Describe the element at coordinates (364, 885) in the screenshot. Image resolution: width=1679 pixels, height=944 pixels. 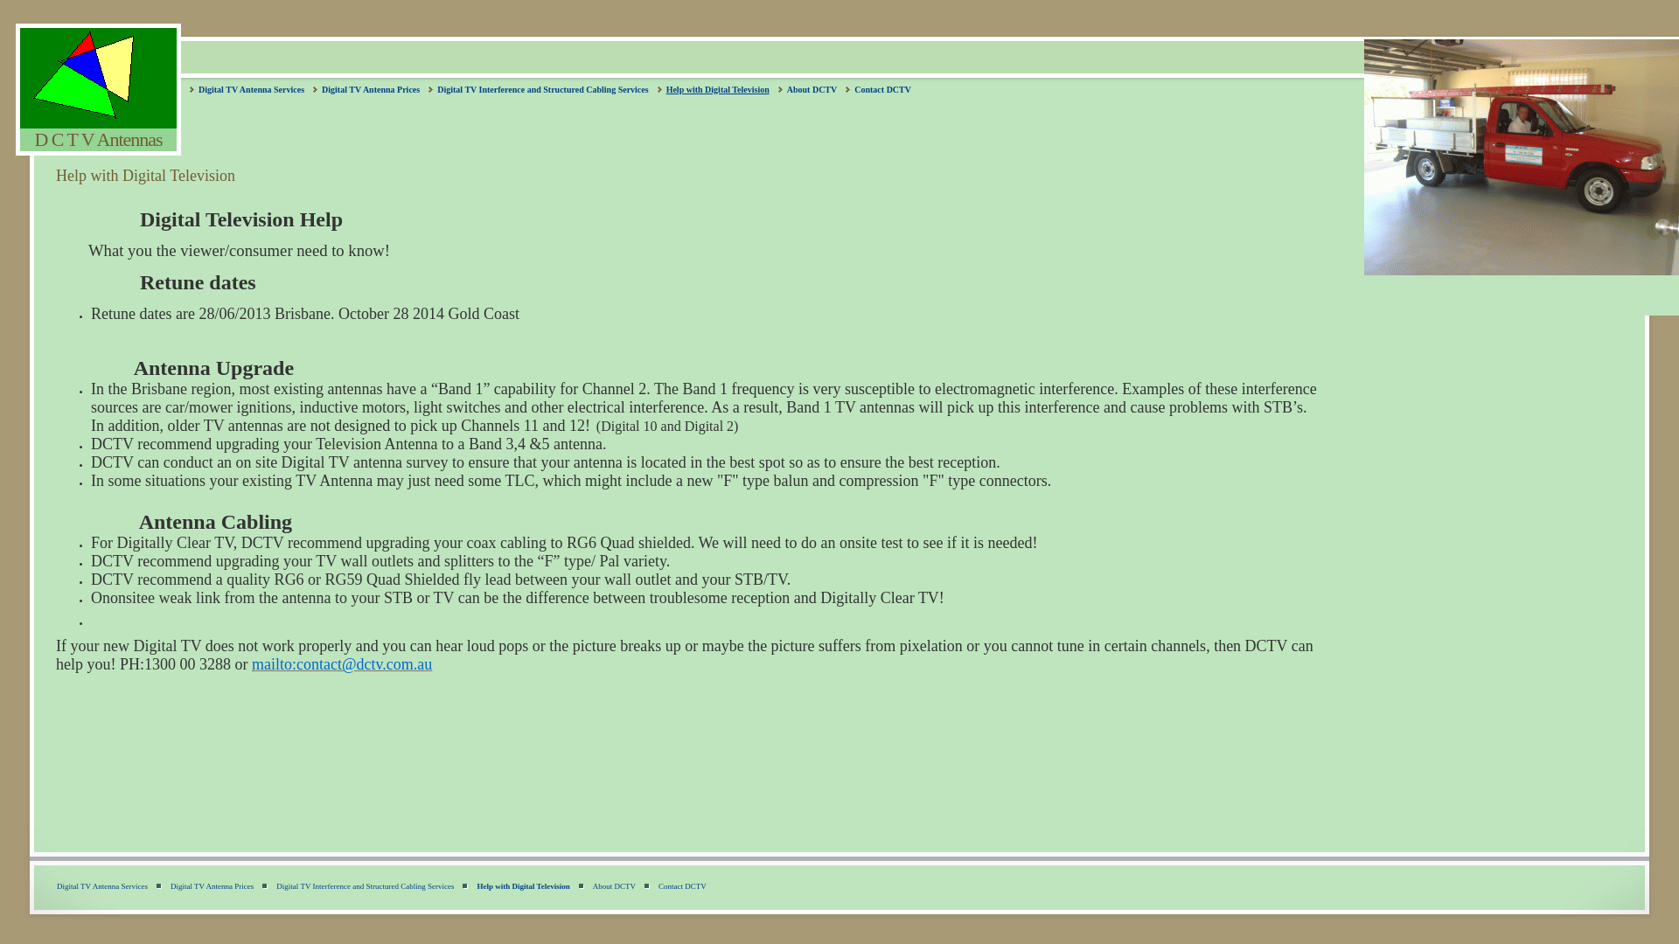
I see `'Digital TV Interference and Structured Cabling Services'` at that location.